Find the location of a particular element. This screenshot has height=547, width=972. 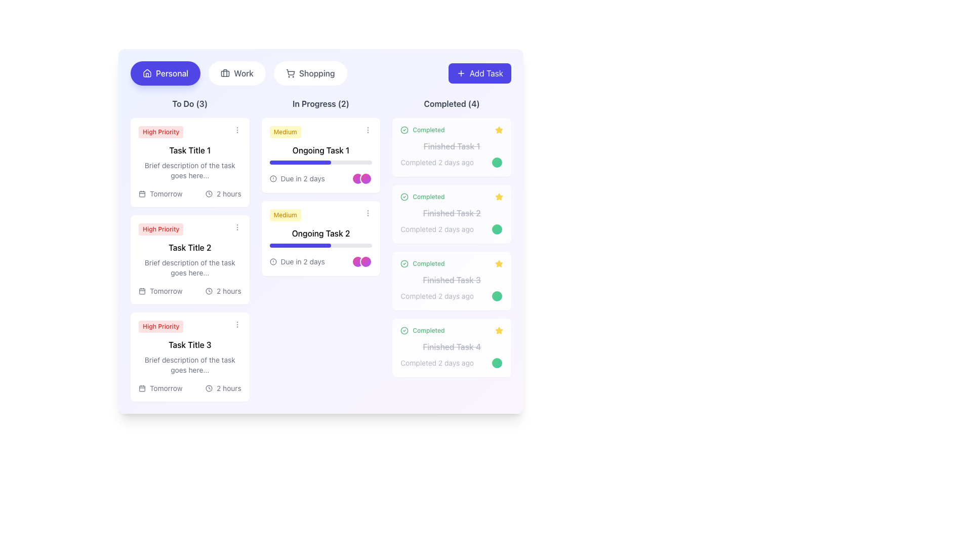

the text label that displays the title of a task, located in the third card of the 'To Do' column, beneath the 'High Priority' label is located at coordinates (190, 344).